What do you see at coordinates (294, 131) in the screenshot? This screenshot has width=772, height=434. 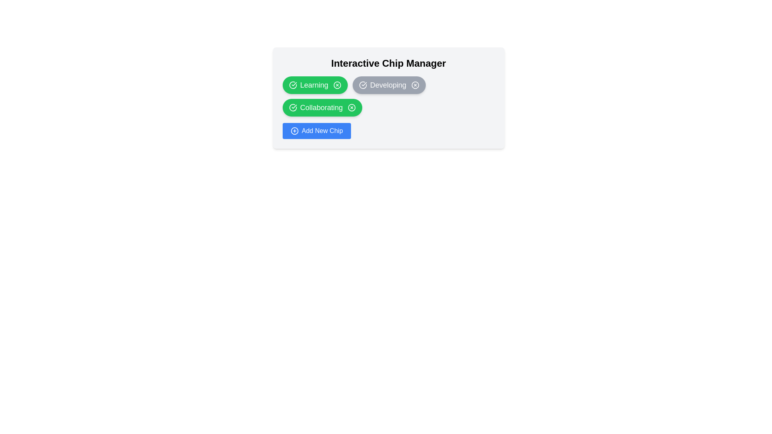 I see `the circular '+' icon within the 'Add New Chip' button located at the bottom-left corner of the chip area` at bounding box center [294, 131].